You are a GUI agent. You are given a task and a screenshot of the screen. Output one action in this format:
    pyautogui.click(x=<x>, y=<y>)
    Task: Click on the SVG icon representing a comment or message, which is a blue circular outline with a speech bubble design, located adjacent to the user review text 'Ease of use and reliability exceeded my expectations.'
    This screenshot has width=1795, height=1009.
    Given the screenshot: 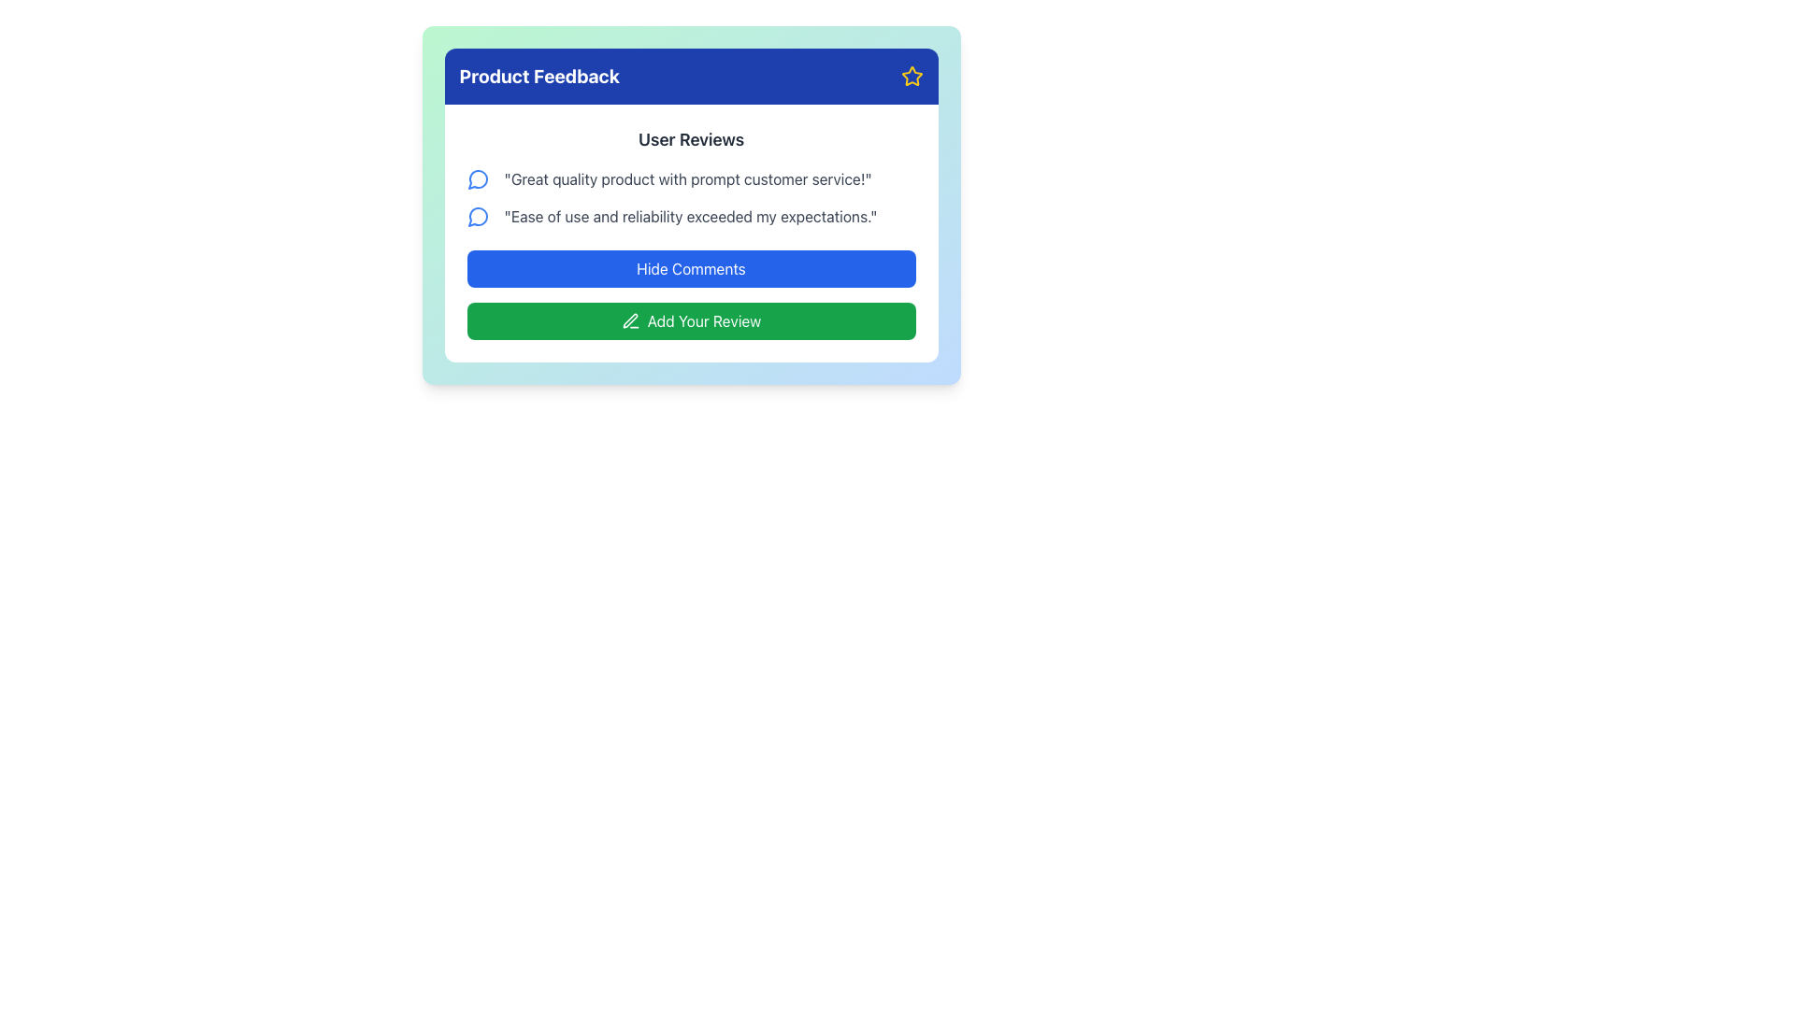 What is the action you would take?
    pyautogui.click(x=477, y=216)
    